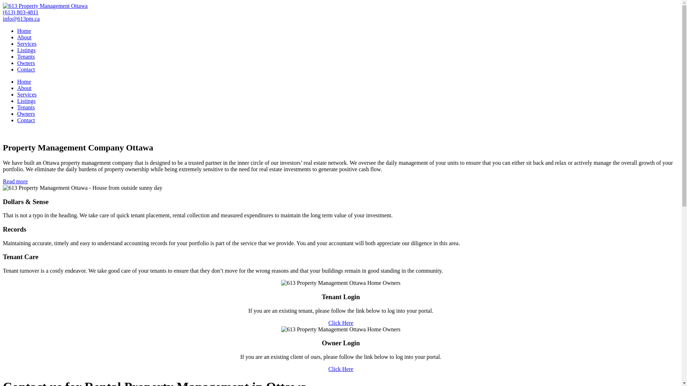  What do you see at coordinates (24, 37) in the screenshot?
I see `'About'` at bounding box center [24, 37].